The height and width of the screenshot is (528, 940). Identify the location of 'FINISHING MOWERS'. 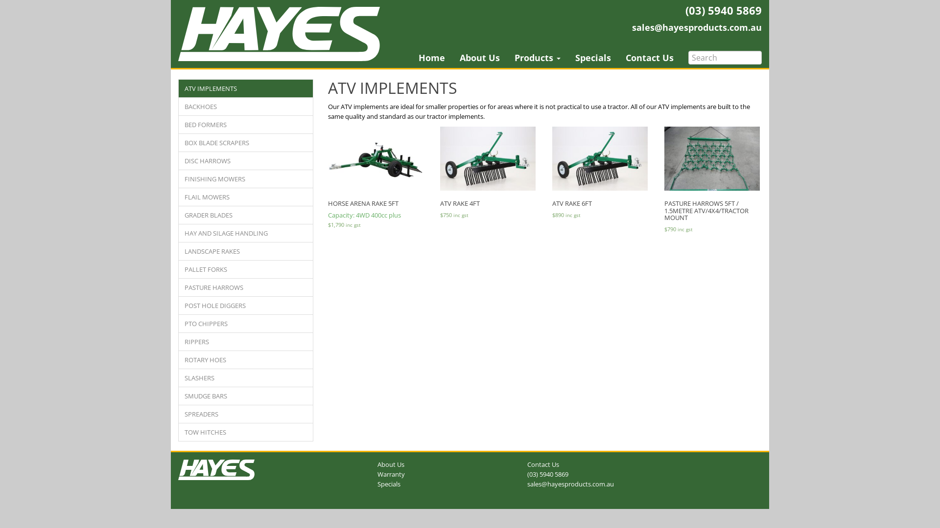
(246, 179).